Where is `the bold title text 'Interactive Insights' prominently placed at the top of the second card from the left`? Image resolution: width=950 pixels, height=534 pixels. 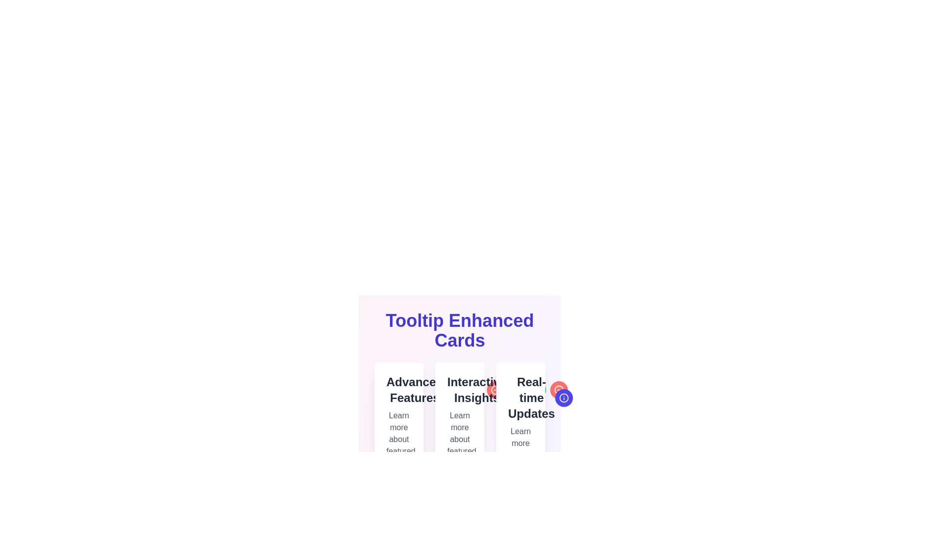 the bold title text 'Interactive Insights' prominently placed at the top of the second card from the left is located at coordinates (459, 390).